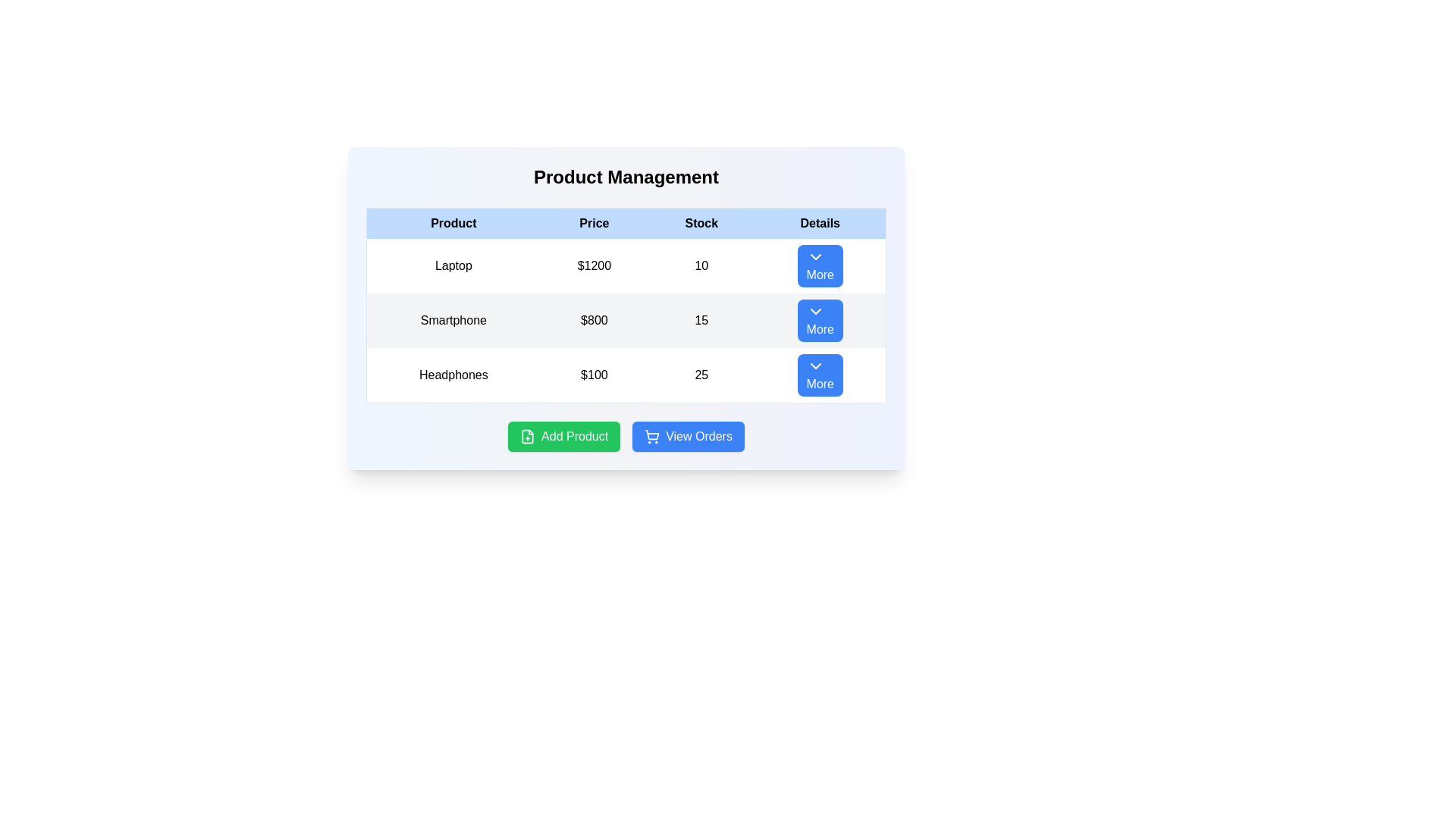 Image resolution: width=1456 pixels, height=819 pixels. What do you see at coordinates (528, 436) in the screenshot?
I see `the icon located at the center of the 'Add Product' button, which symbolizes document creation or addition` at bounding box center [528, 436].